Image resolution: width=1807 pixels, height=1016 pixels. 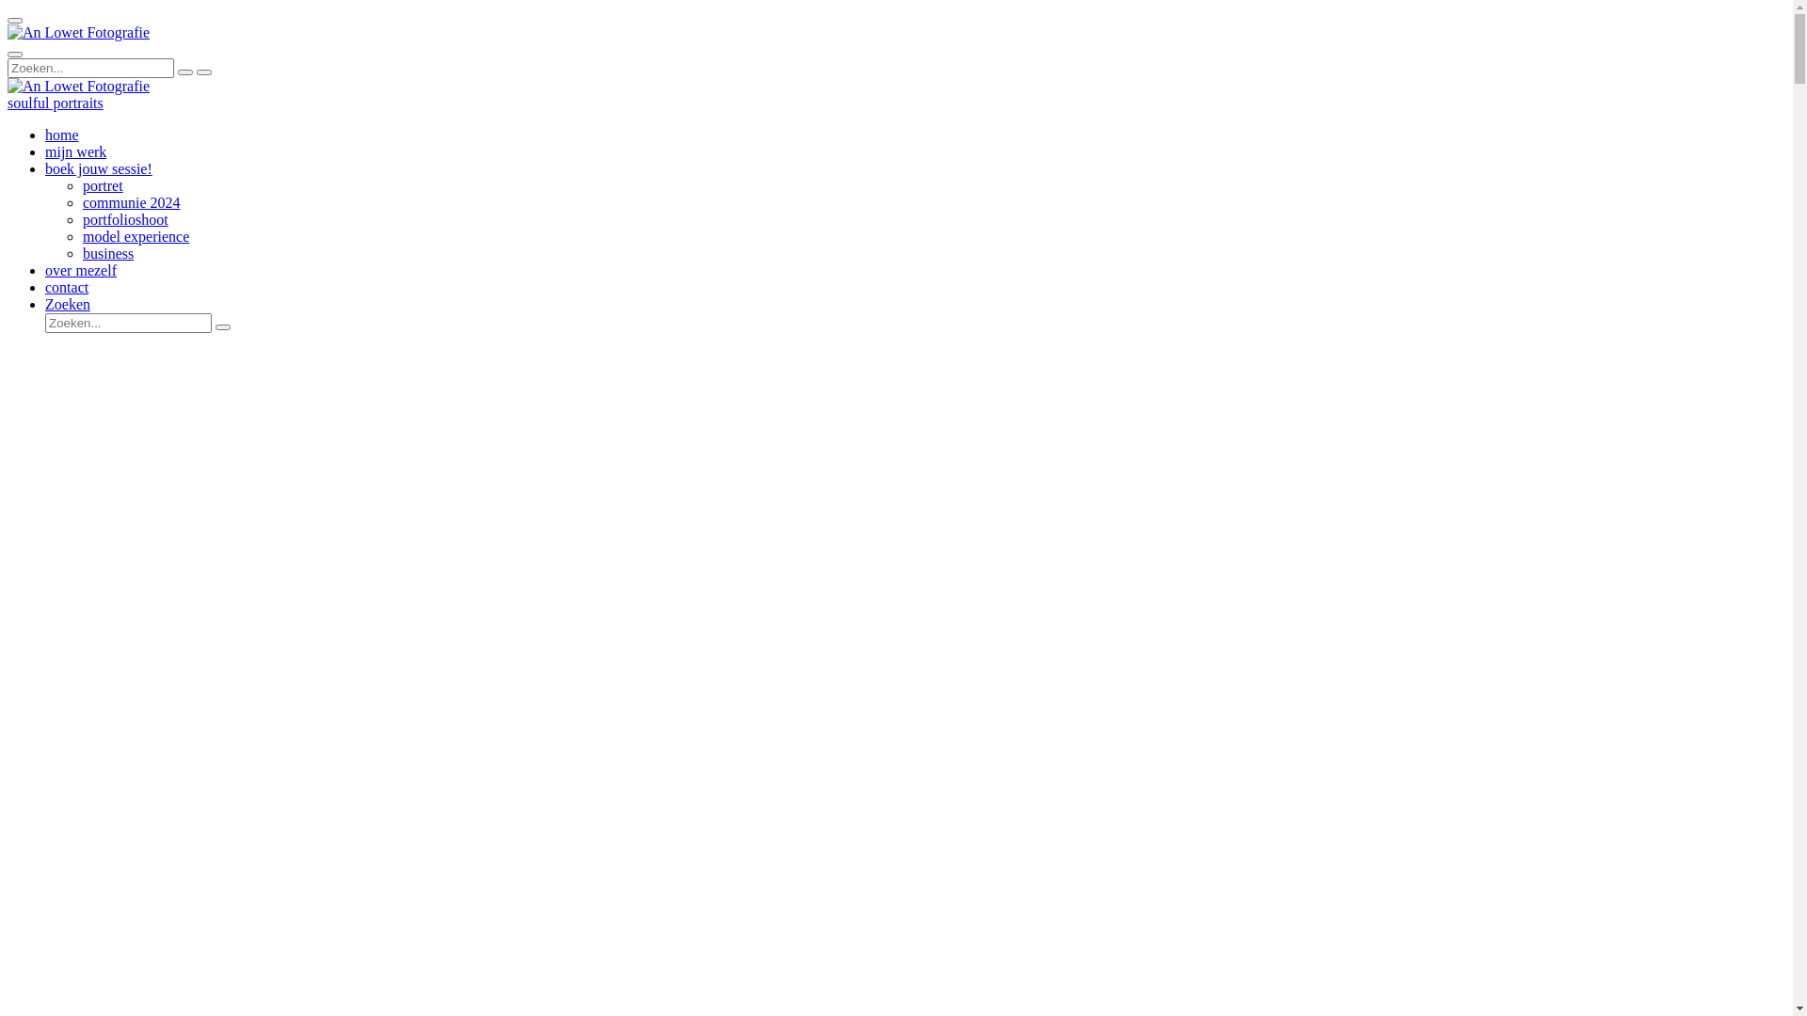 What do you see at coordinates (130, 202) in the screenshot?
I see `'communie 2024'` at bounding box center [130, 202].